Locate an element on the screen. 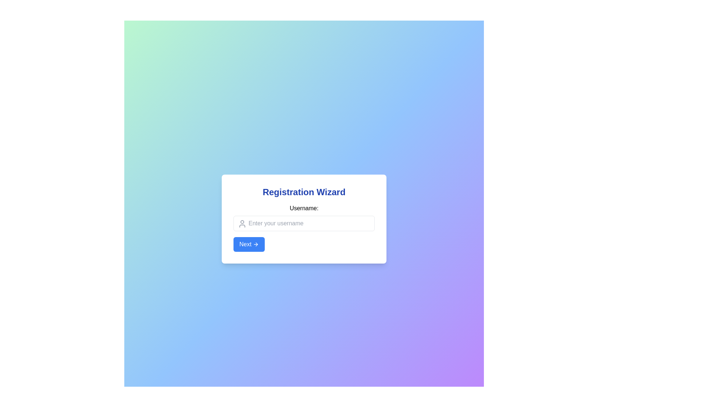  the Text Label that indicates users should provide their username in the adjacent field, positioned above the username input field is located at coordinates (304, 208).